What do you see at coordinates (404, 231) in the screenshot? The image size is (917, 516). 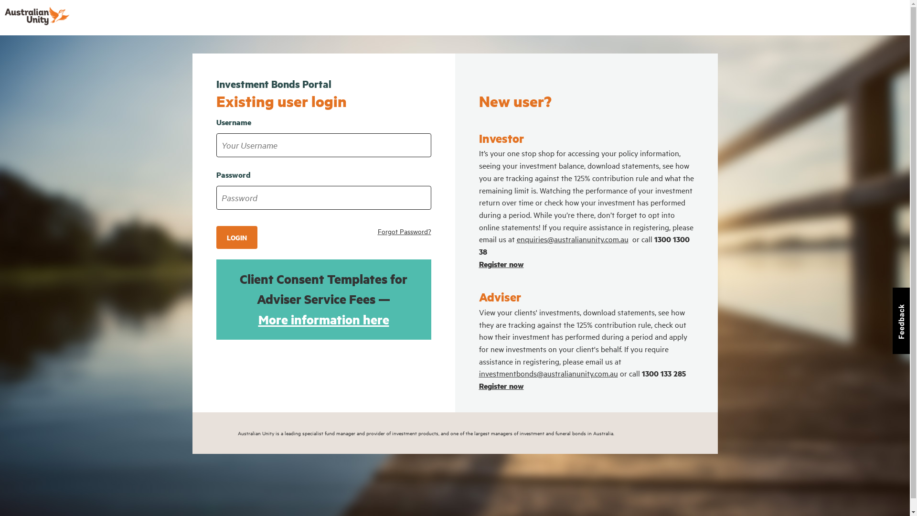 I see `'Forgot Password?'` at bounding box center [404, 231].